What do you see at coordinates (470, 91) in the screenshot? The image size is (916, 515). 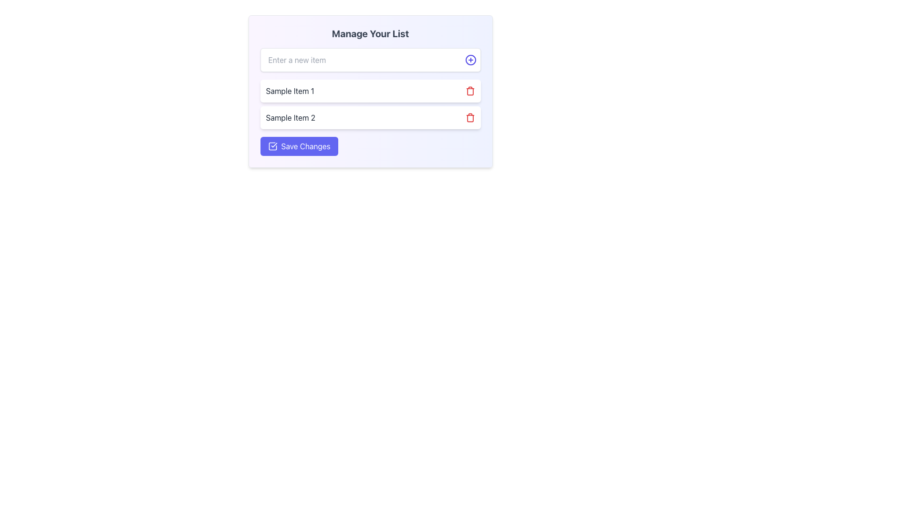 I see `the vector graphic icon styled as a delete button for 'Sample Item 1'` at bounding box center [470, 91].